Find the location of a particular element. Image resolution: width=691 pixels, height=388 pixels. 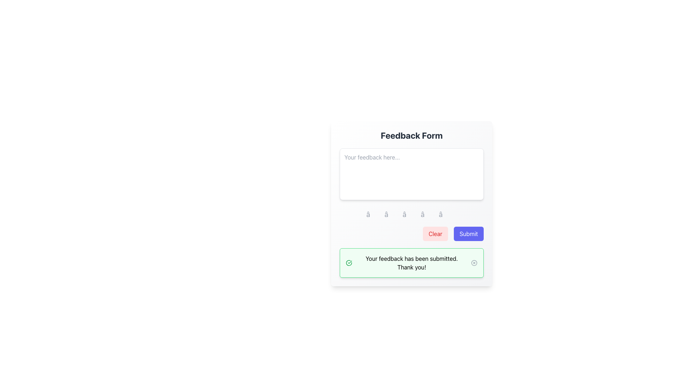

message from the feedback confirmation message box with a light green background and check icon, containing the text 'Your feedback has been submitted. Thank you!' located at the bottom of the feedback form is located at coordinates (411, 263).